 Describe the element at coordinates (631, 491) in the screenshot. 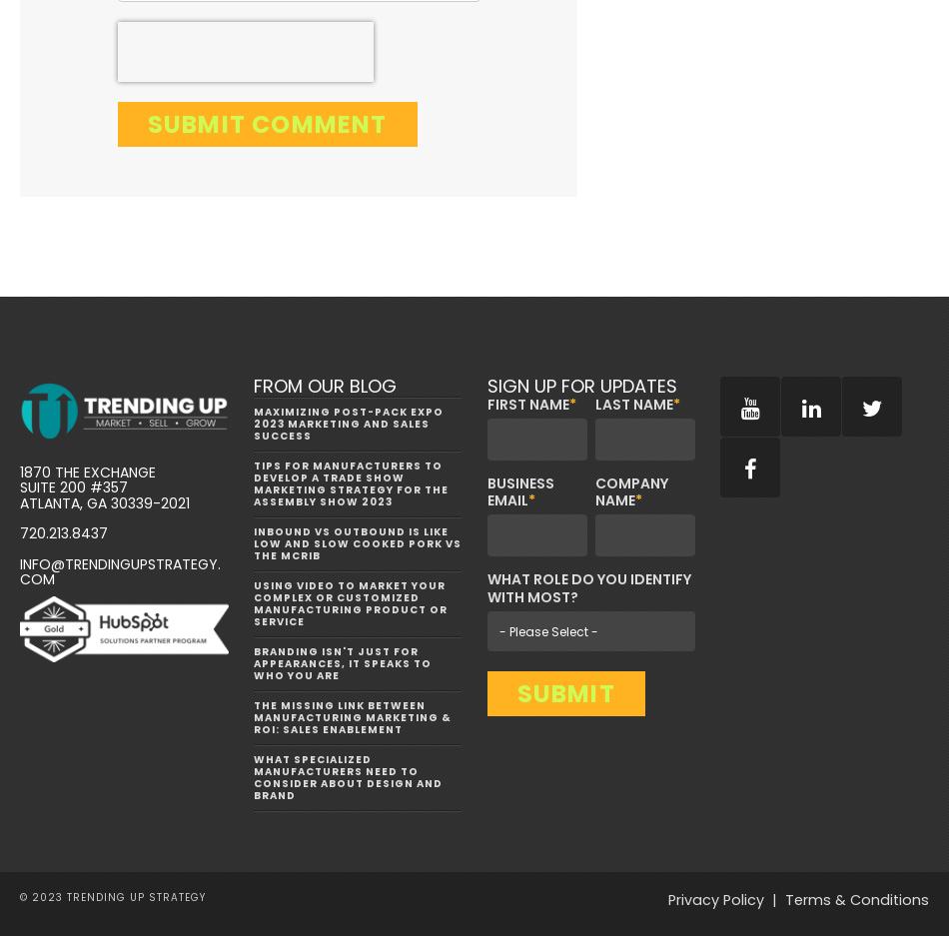

I see `'COMPANY NAME'` at that location.